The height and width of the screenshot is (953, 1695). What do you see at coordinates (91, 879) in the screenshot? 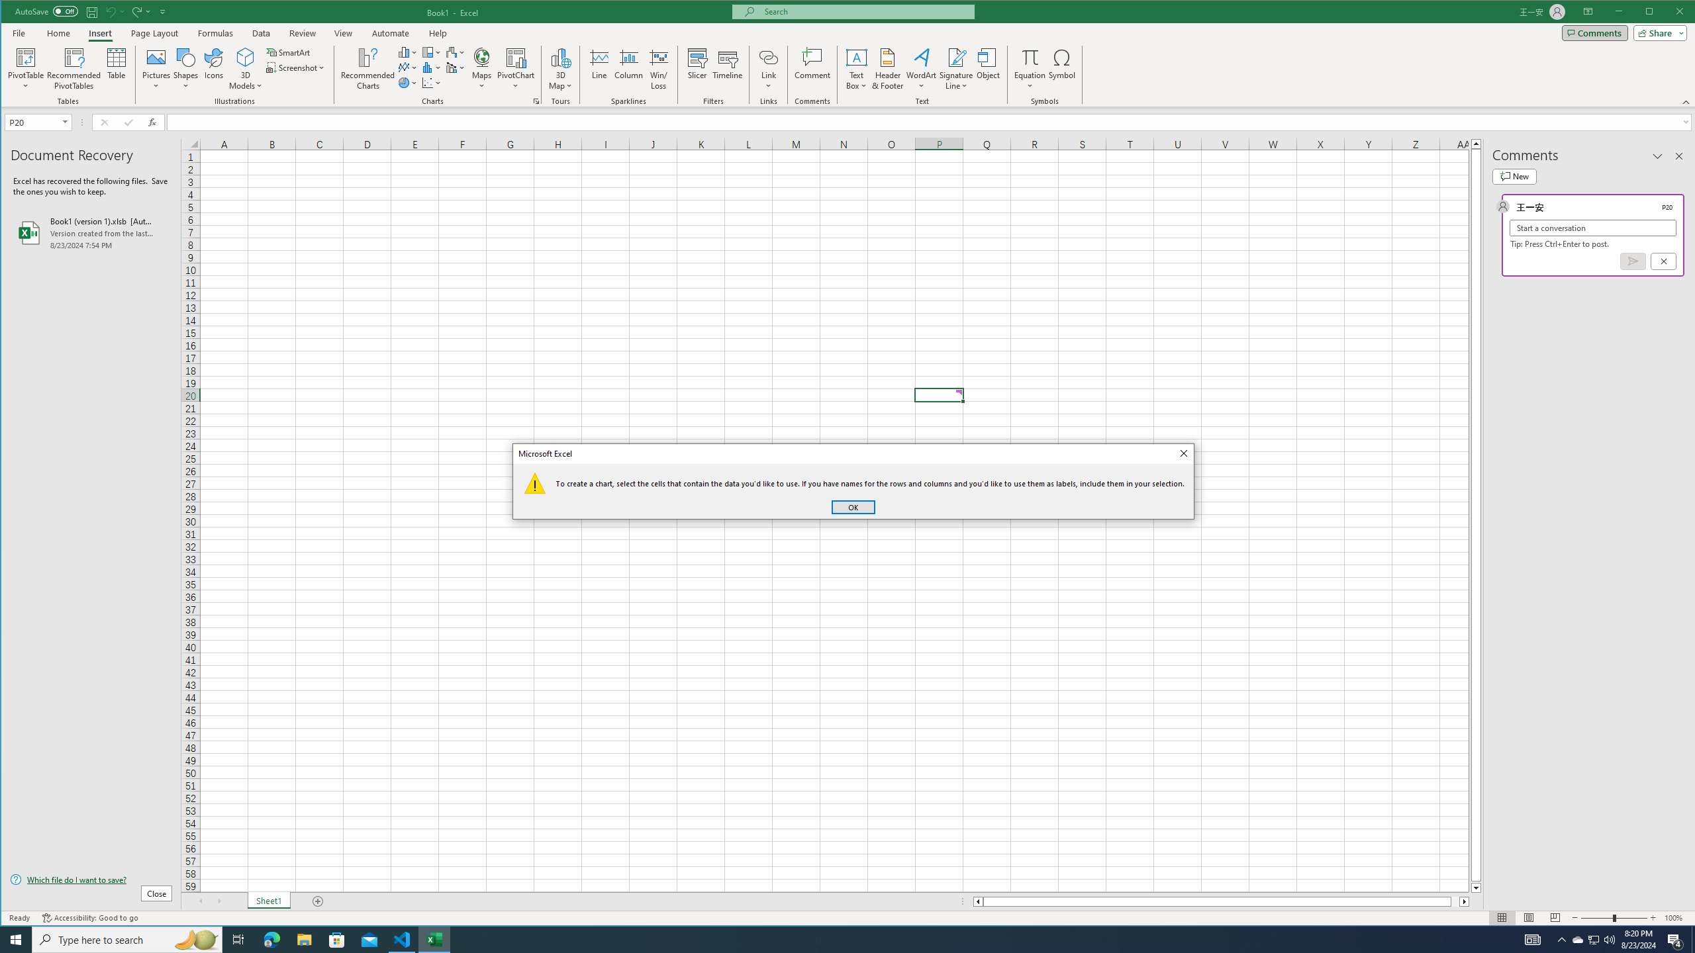
I see `'Which file do I want to save?'` at bounding box center [91, 879].